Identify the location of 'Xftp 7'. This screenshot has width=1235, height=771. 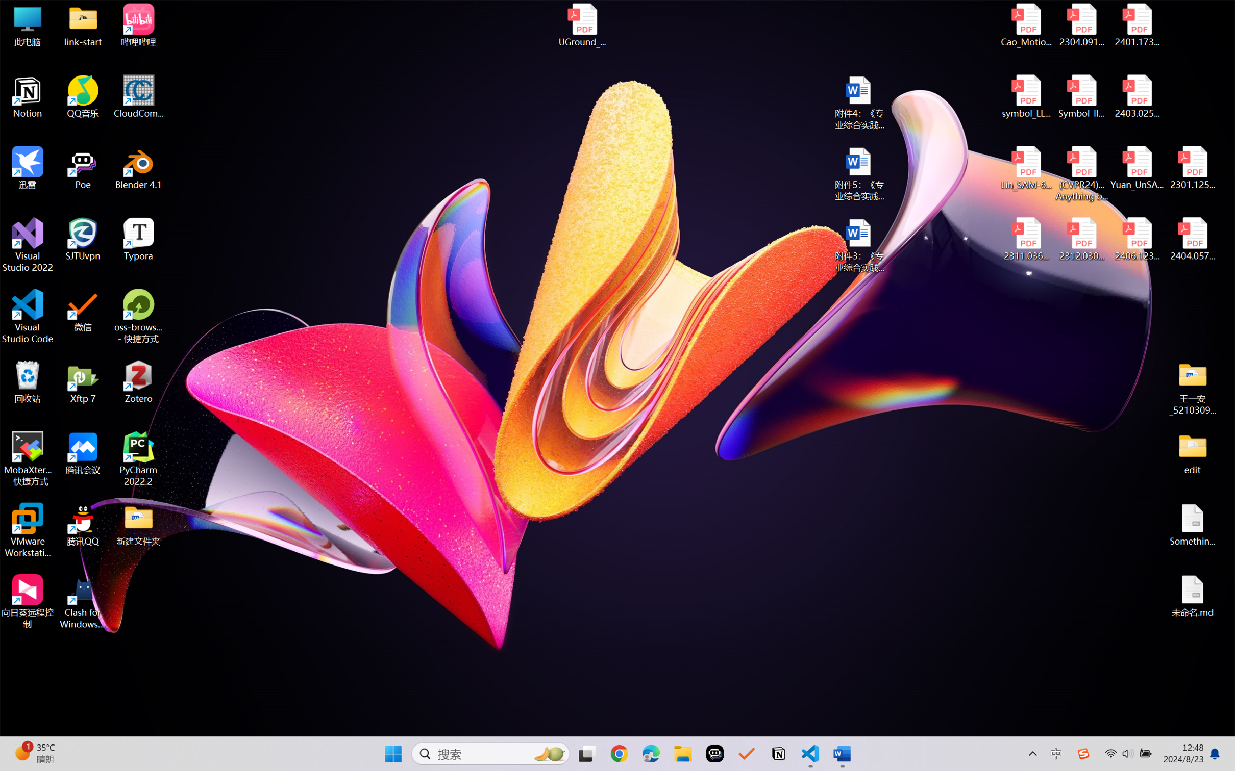
(83, 381).